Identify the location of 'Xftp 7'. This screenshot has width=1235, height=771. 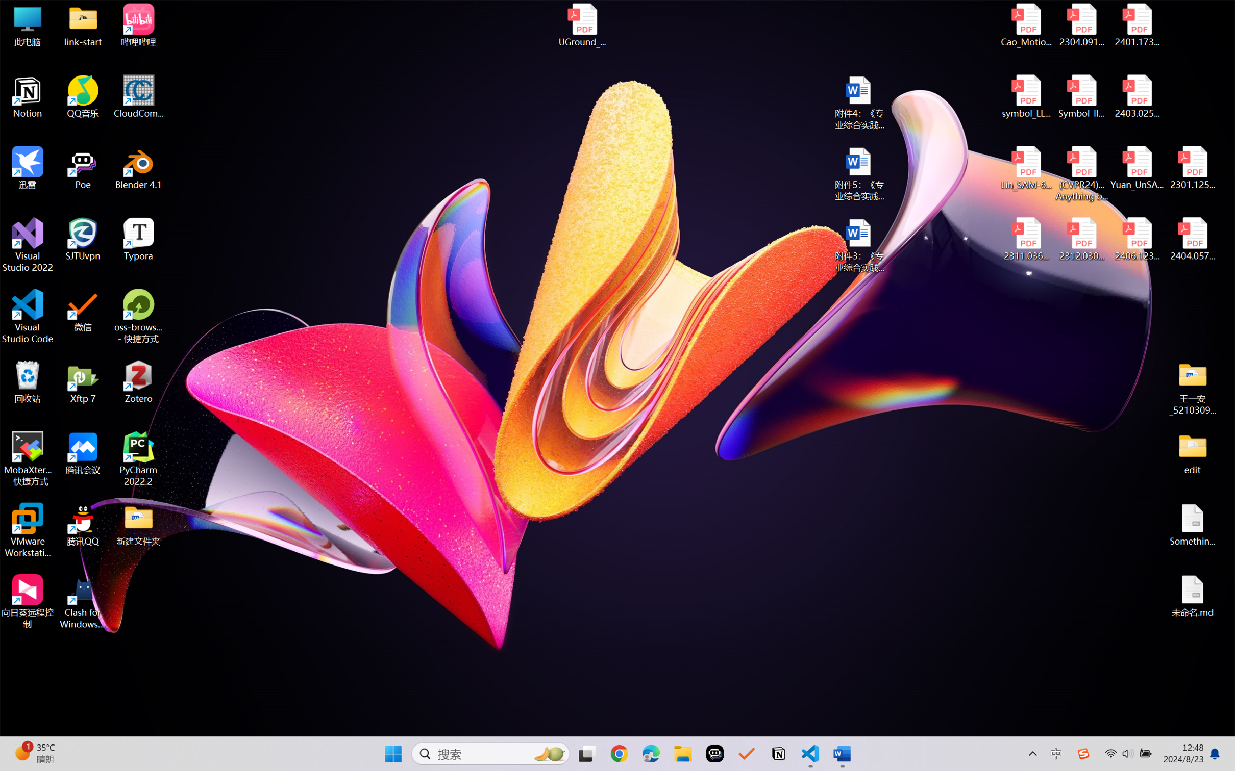
(83, 381).